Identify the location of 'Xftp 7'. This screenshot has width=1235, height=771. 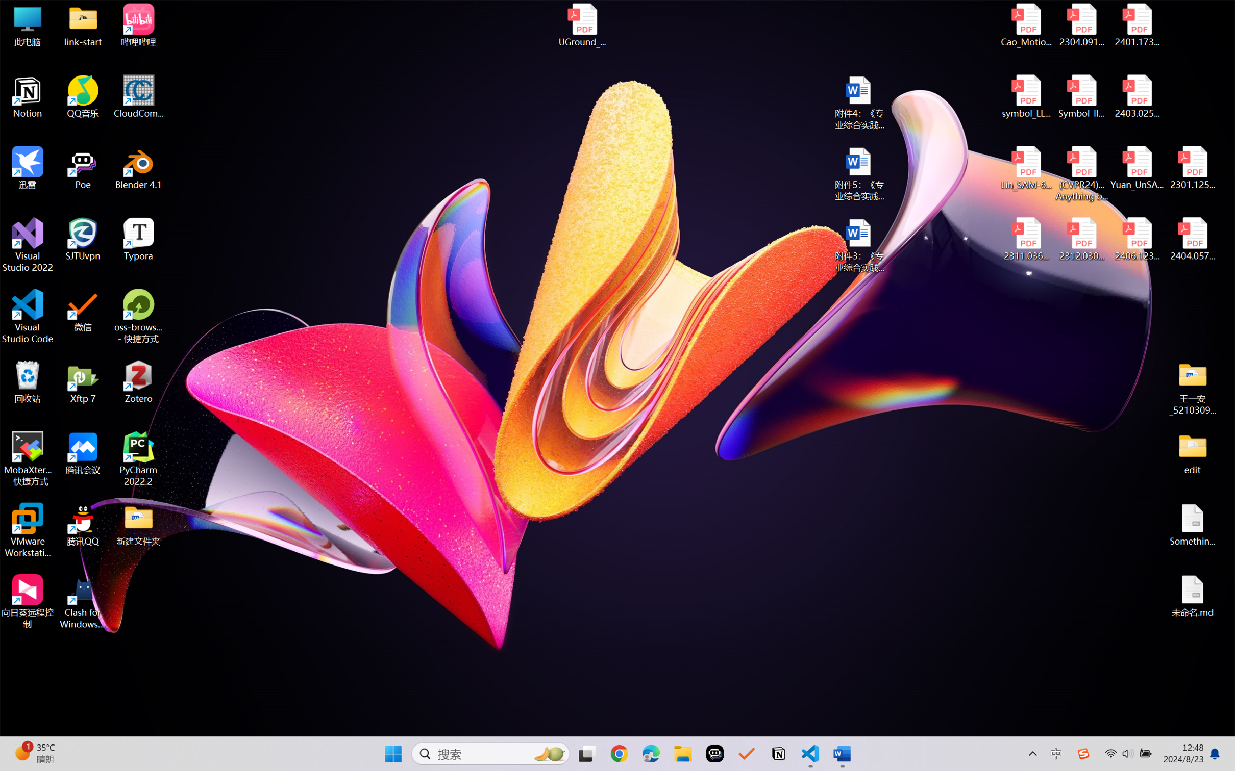
(83, 381).